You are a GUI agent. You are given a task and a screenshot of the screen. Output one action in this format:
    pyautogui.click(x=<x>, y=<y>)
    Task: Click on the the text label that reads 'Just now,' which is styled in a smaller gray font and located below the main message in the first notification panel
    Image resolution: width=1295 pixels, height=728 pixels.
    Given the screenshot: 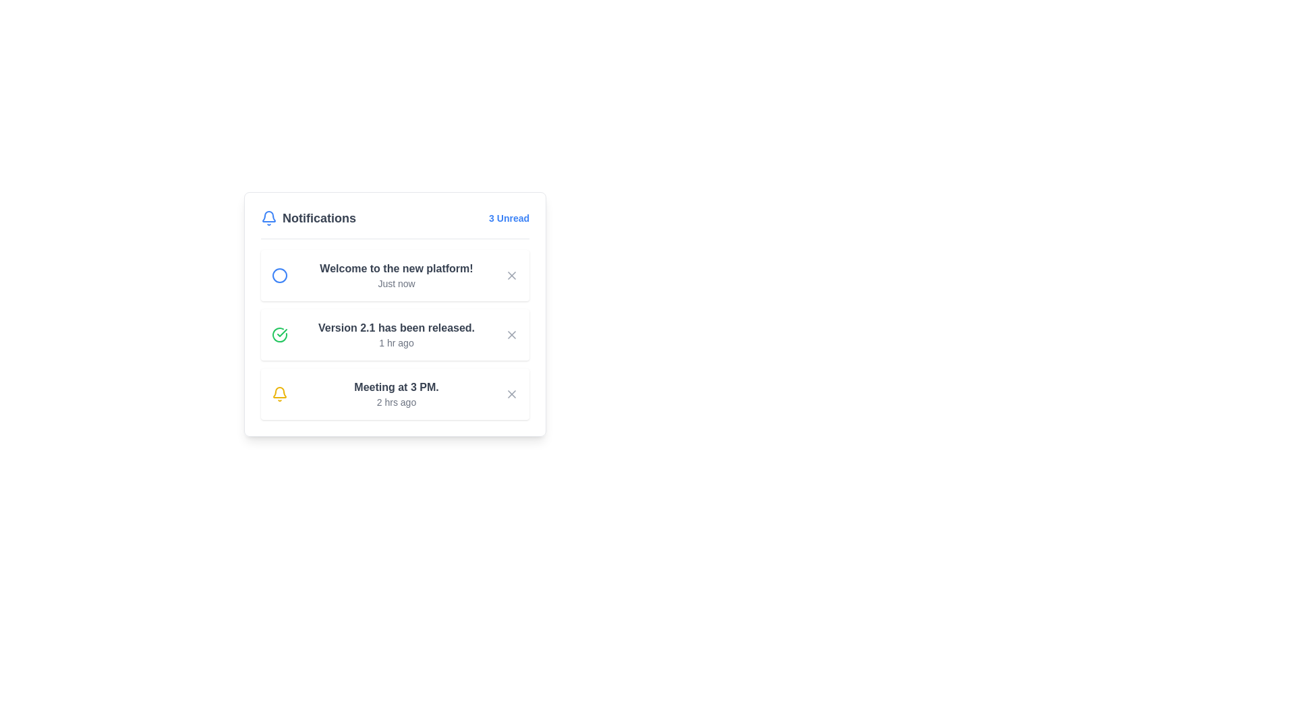 What is the action you would take?
    pyautogui.click(x=396, y=282)
    